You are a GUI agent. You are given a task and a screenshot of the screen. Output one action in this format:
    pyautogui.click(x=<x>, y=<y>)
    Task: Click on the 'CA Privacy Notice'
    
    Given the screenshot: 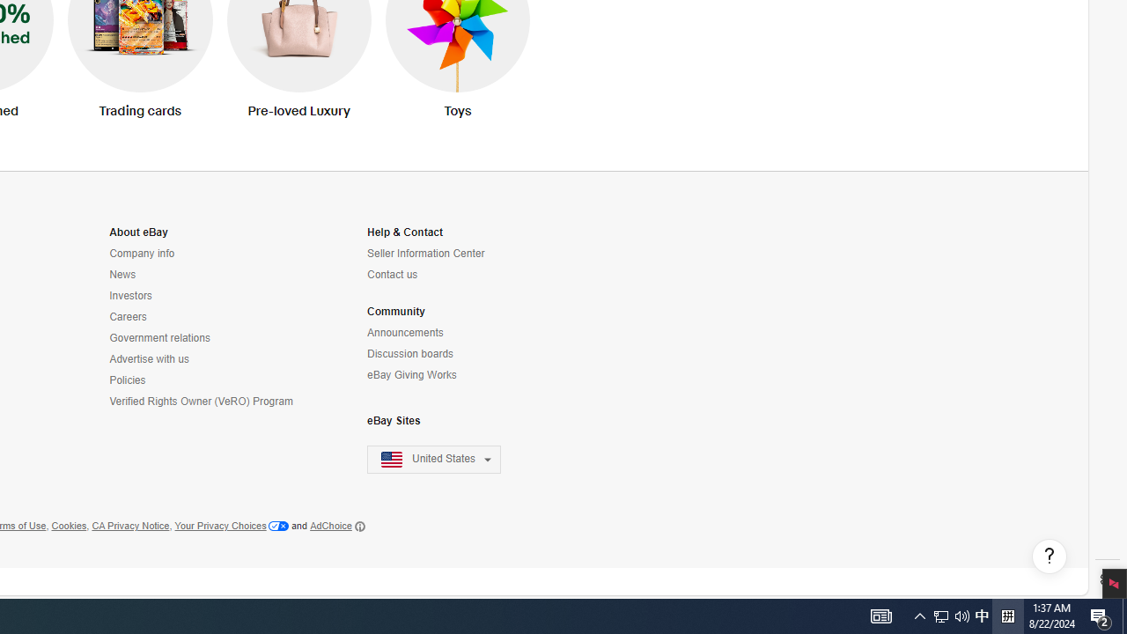 What is the action you would take?
    pyautogui.click(x=129, y=525)
    